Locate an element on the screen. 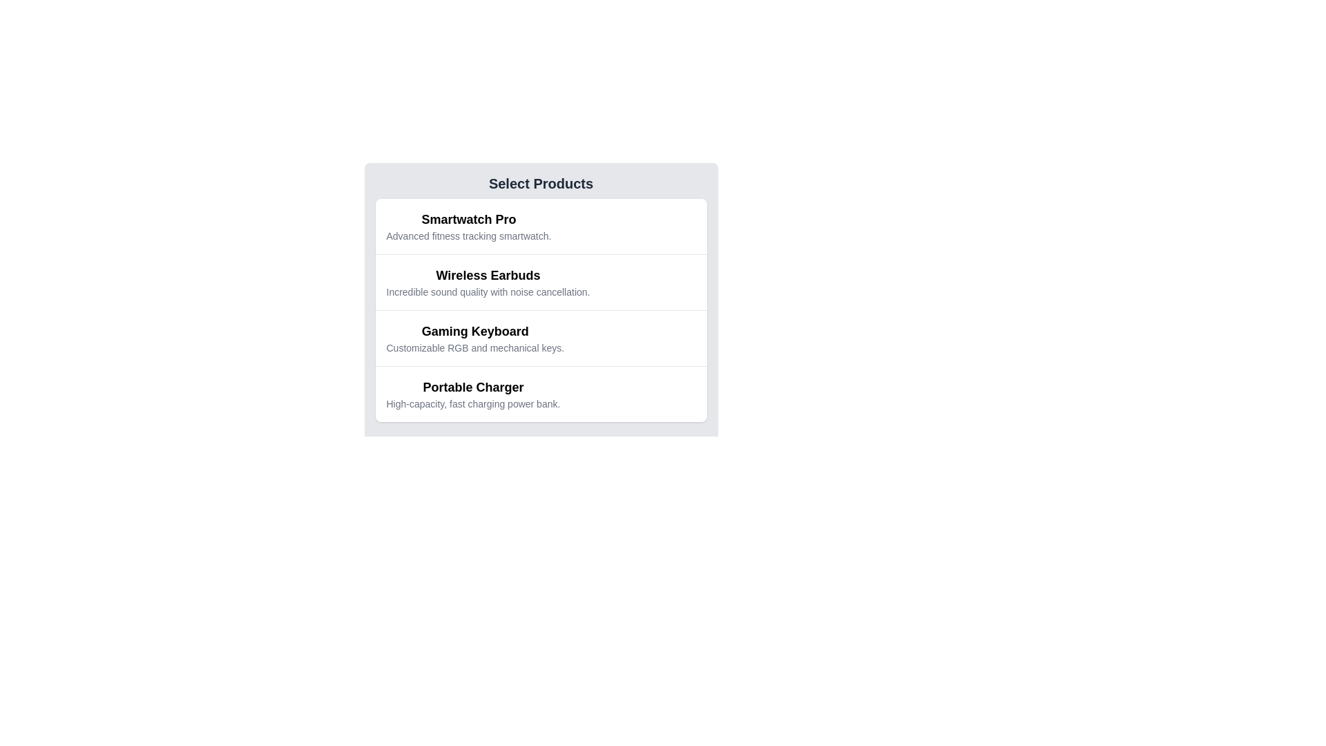 The width and height of the screenshot is (1326, 746). the description text element located below the 'Gaming Keyboard' title in the product list is located at coordinates (475, 347).